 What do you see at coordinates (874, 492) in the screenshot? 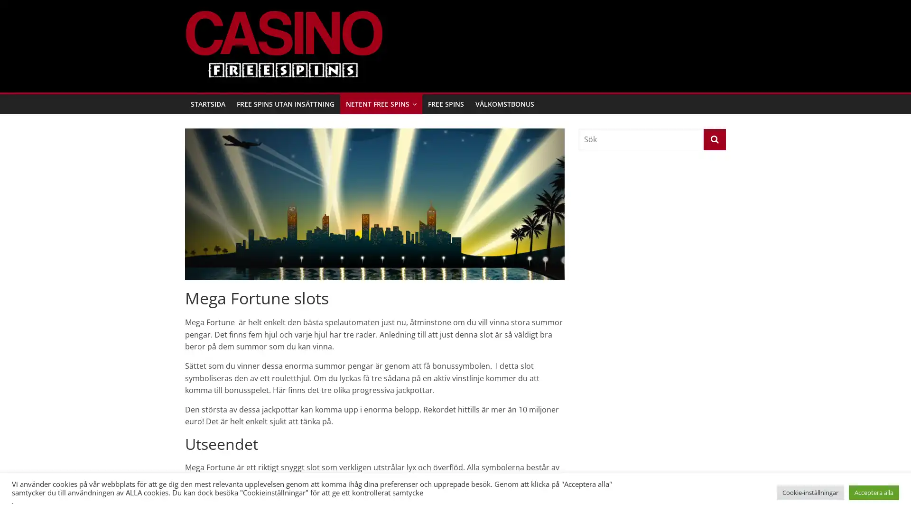
I see `Acceptera alla` at bounding box center [874, 492].